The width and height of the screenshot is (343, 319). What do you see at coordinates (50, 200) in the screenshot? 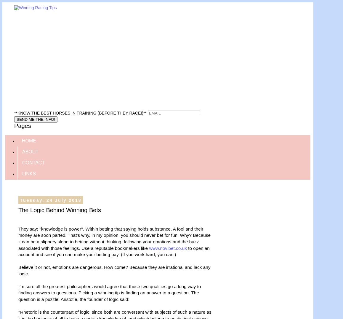
I see `'Tuesday, 24 July 2018'` at bounding box center [50, 200].